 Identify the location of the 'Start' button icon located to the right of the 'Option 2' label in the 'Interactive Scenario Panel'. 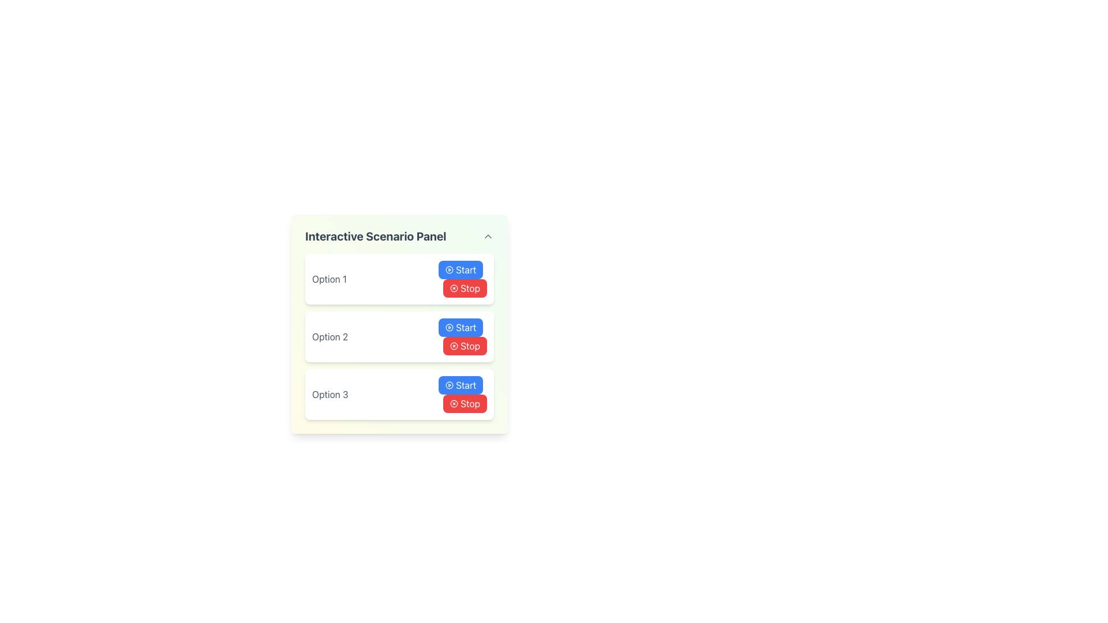
(449, 327).